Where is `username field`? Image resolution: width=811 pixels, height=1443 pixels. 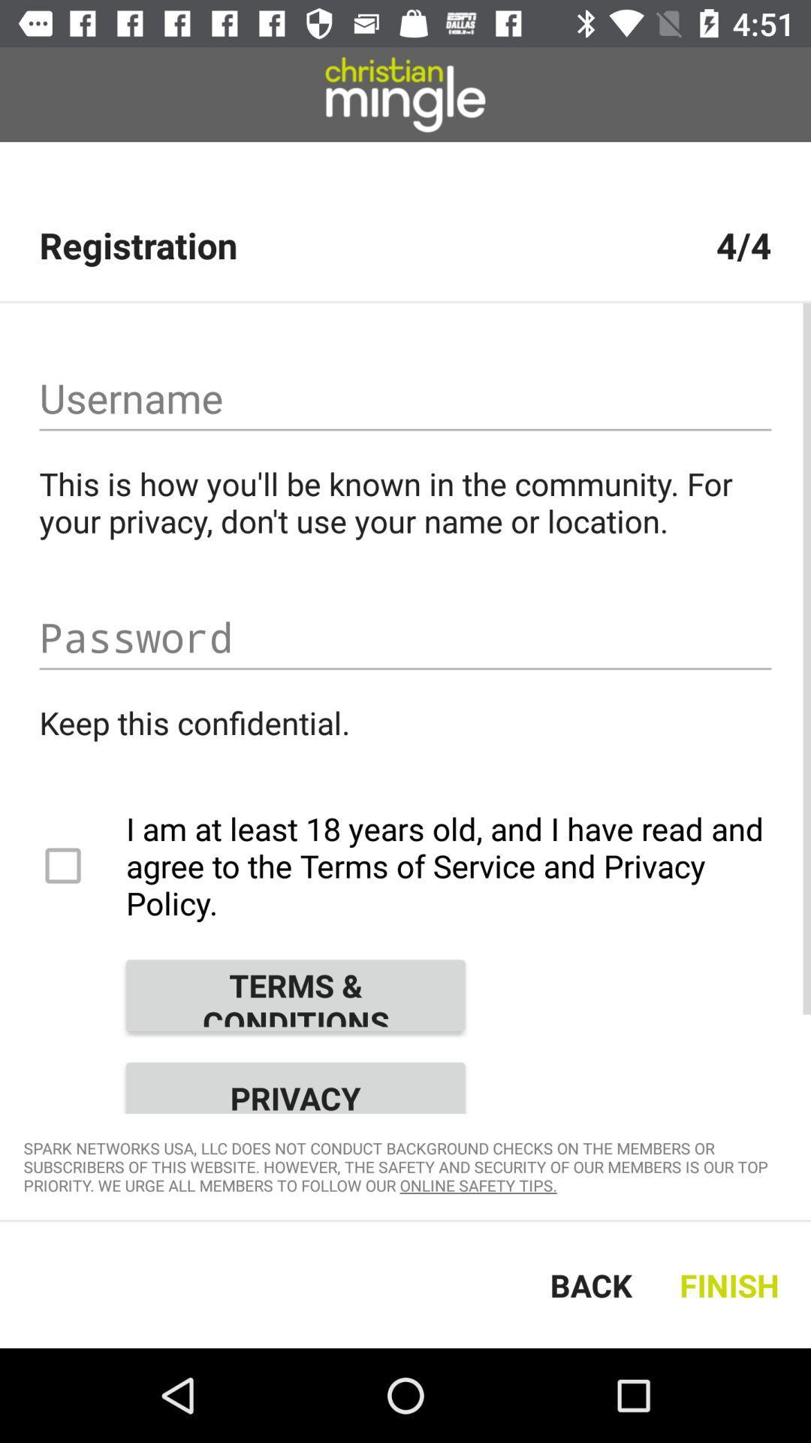 username field is located at coordinates (405, 398).